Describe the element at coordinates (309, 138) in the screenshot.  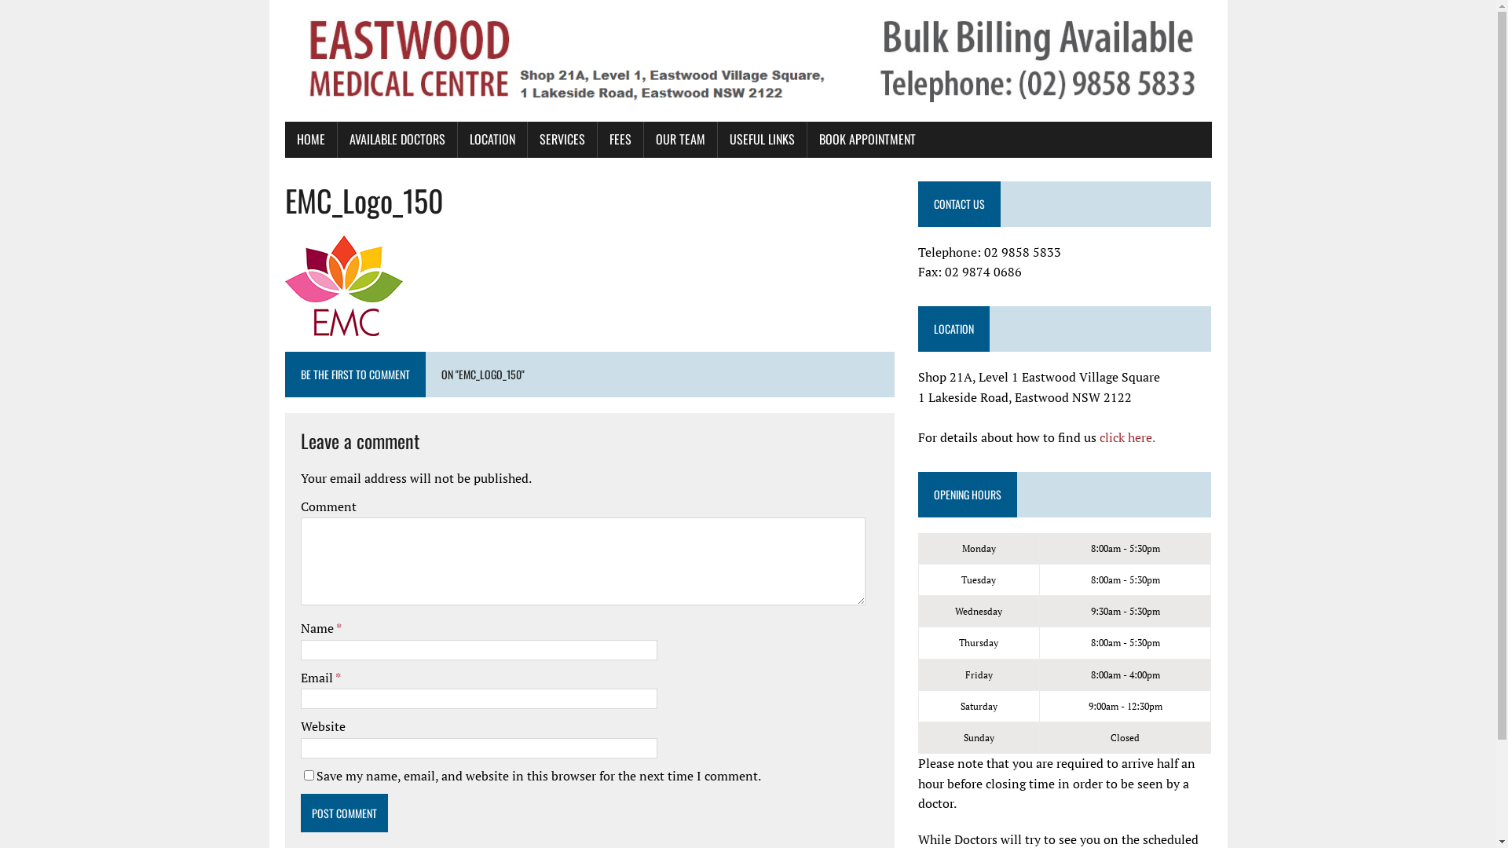
I see `'HOME'` at that location.